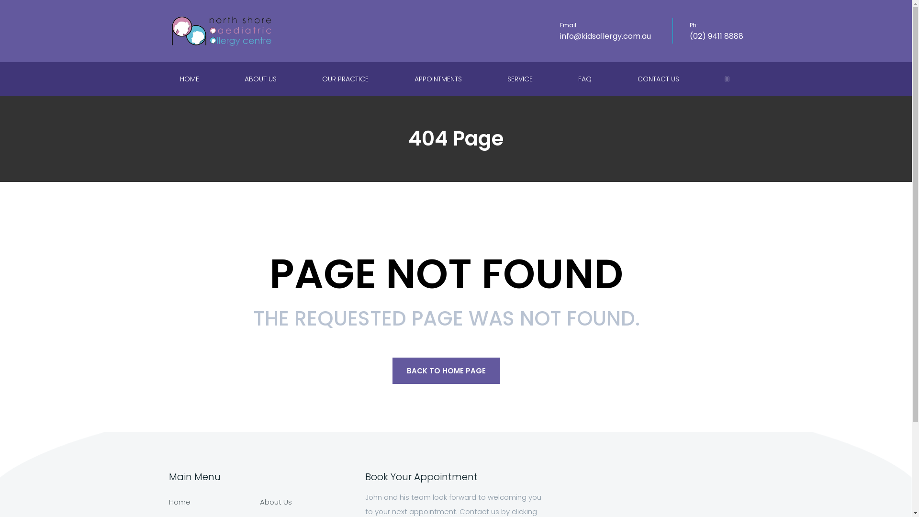  Describe the element at coordinates (446, 370) in the screenshot. I see `'BACK TO HOME PAGE'` at that location.